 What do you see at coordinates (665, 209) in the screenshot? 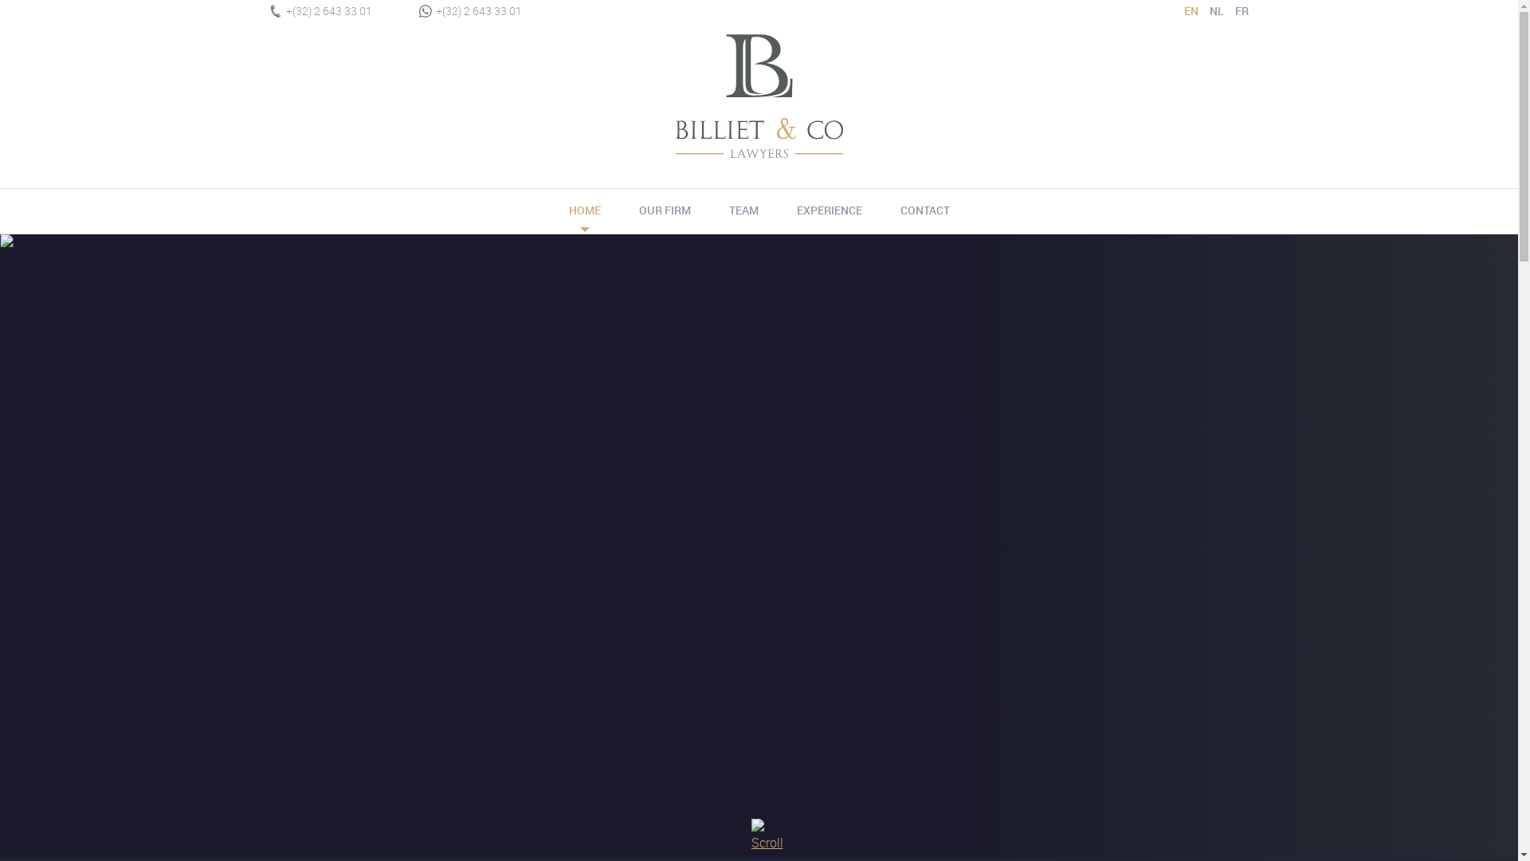
I see `'OUR FIRM'` at bounding box center [665, 209].